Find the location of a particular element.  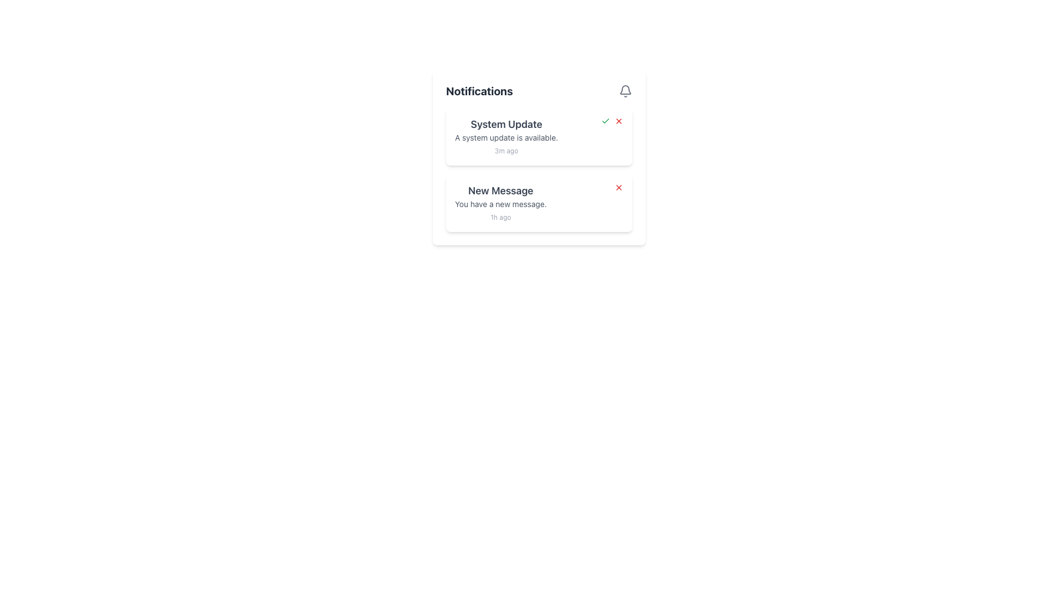

bold title text displaying 'Notifications' located at the top-left of the notification panel UI is located at coordinates (479, 91).